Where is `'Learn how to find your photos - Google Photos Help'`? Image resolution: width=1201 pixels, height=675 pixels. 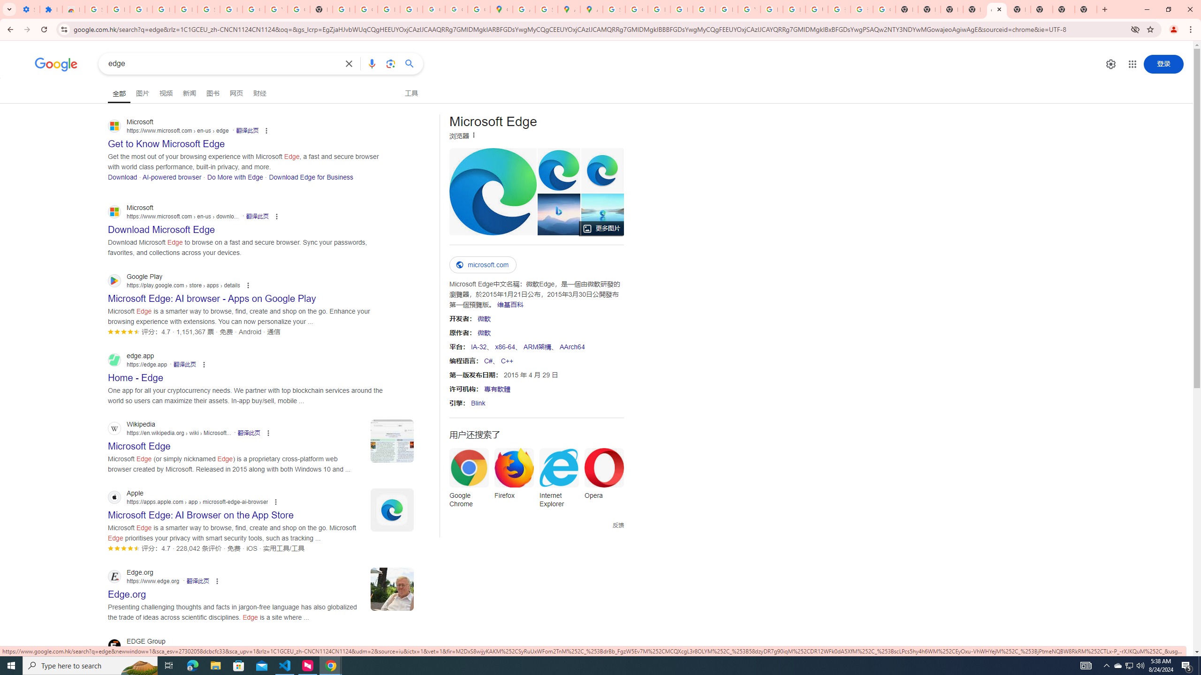 'Learn how to find your photos - Google Photos Help' is located at coordinates (163, 9).